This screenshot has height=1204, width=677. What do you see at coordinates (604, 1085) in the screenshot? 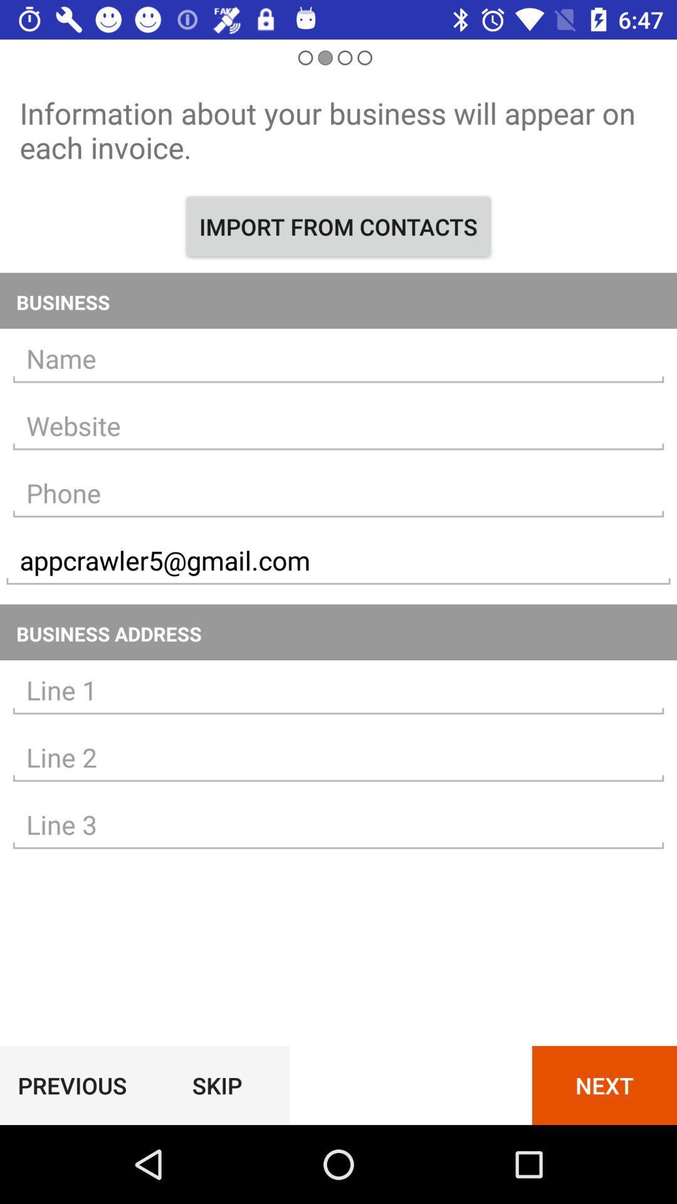
I see `item to the right of the skip` at bounding box center [604, 1085].